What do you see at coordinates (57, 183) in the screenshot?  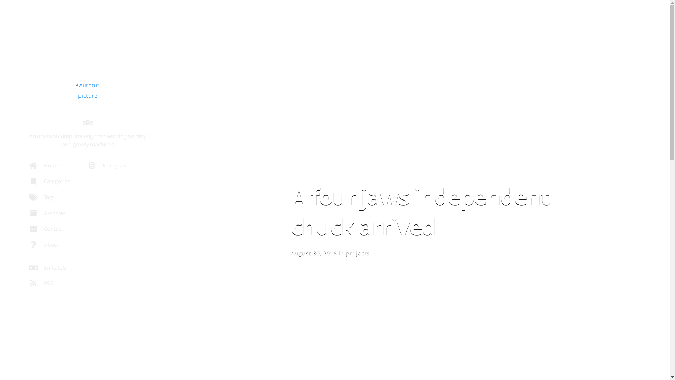 I see `'Categories'` at bounding box center [57, 183].